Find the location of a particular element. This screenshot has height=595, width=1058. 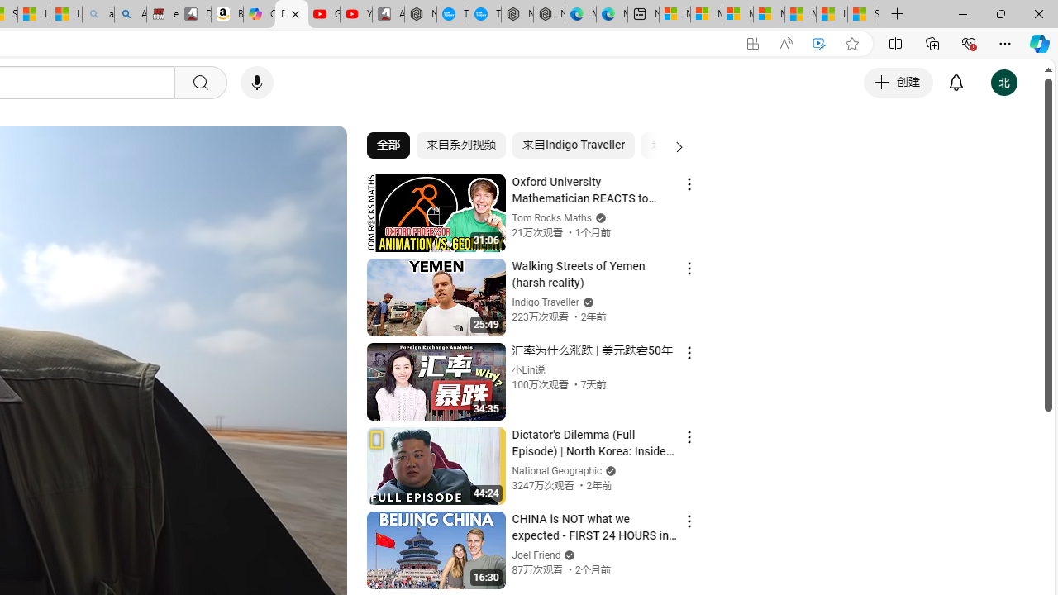

'Nordace - My Account' is located at coordinates (421, 14).